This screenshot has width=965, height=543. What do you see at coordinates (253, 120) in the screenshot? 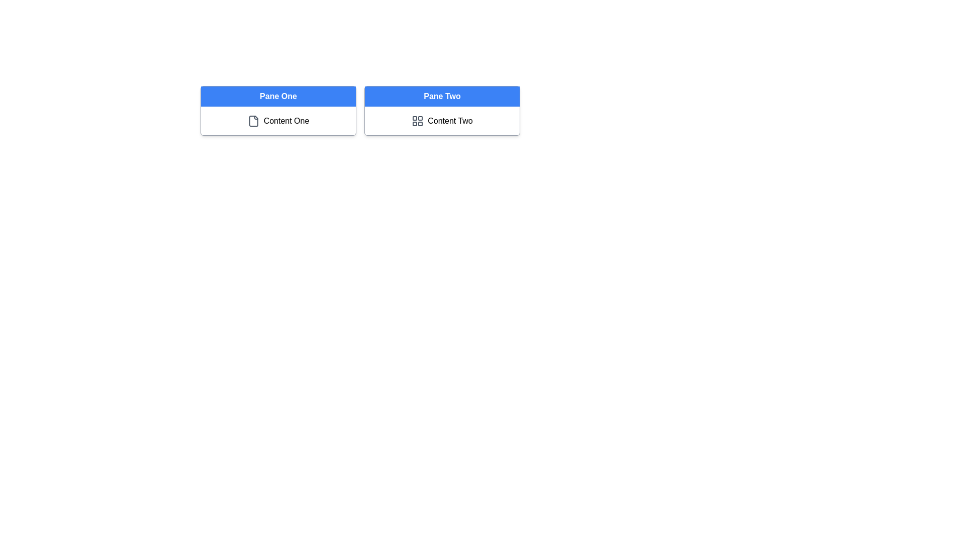
I see `the icon resembling a file document with a dog-eared corner located in the 'Pane One' section, positioned to the left of the text 'Content One'` at bounding box center [253, 120].